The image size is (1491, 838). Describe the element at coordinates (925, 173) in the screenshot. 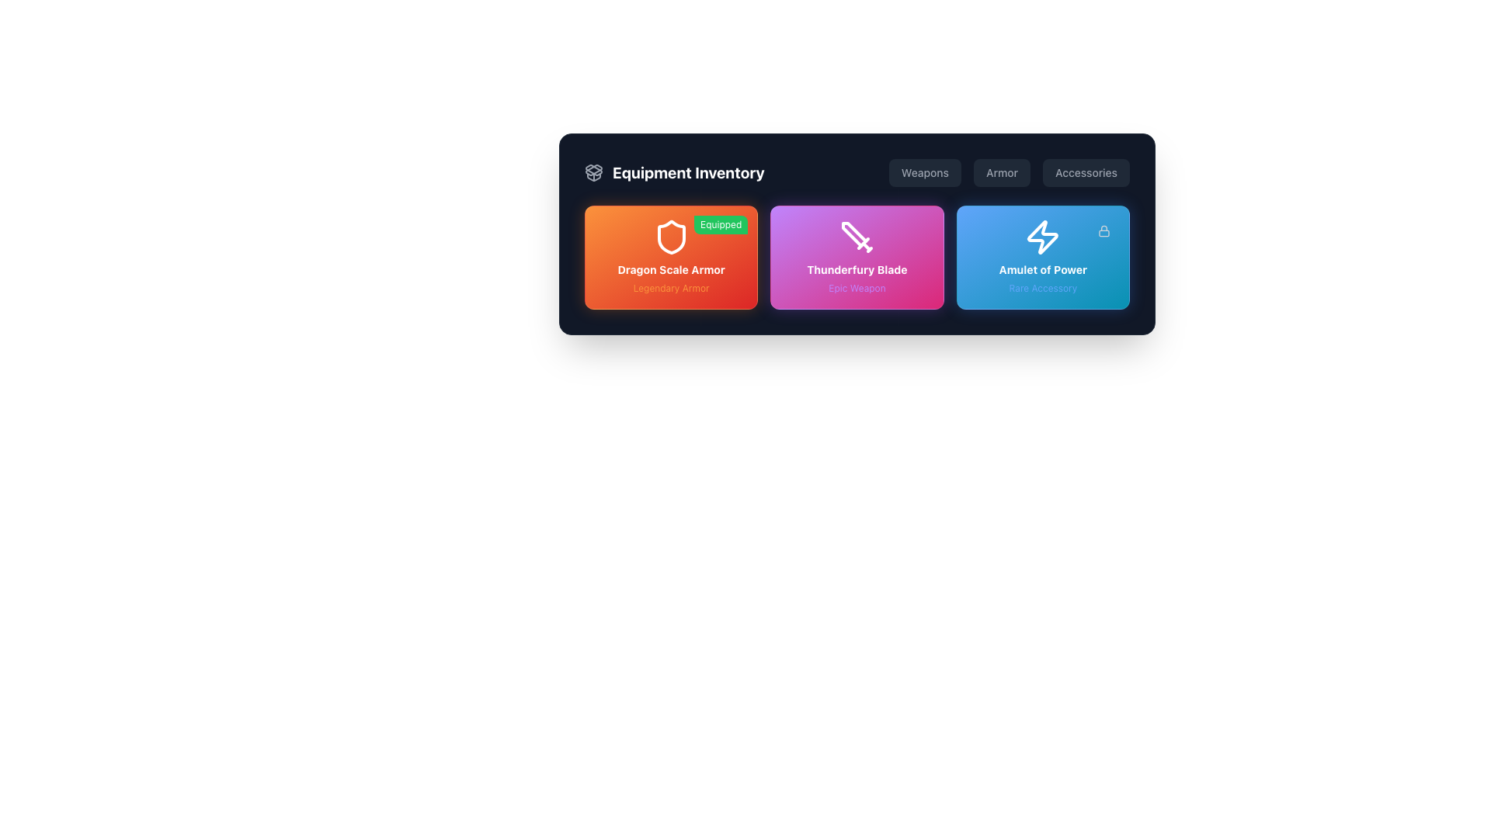

I see `the 'Weapons' button, which is the first button in a row of three, featuring a dark gray background and gray text that changes to white on hover` at that location.